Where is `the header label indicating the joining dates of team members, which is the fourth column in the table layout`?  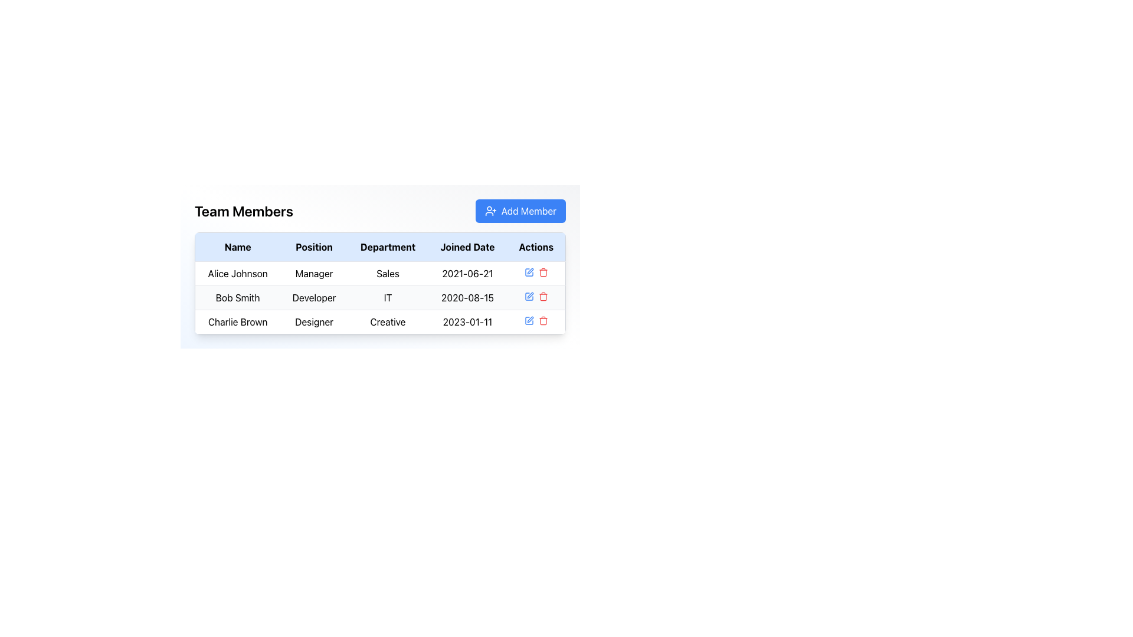 the header label indicating the joining dates of team members, which is the fourth column in the table layout is located at coordinates (467, 247).